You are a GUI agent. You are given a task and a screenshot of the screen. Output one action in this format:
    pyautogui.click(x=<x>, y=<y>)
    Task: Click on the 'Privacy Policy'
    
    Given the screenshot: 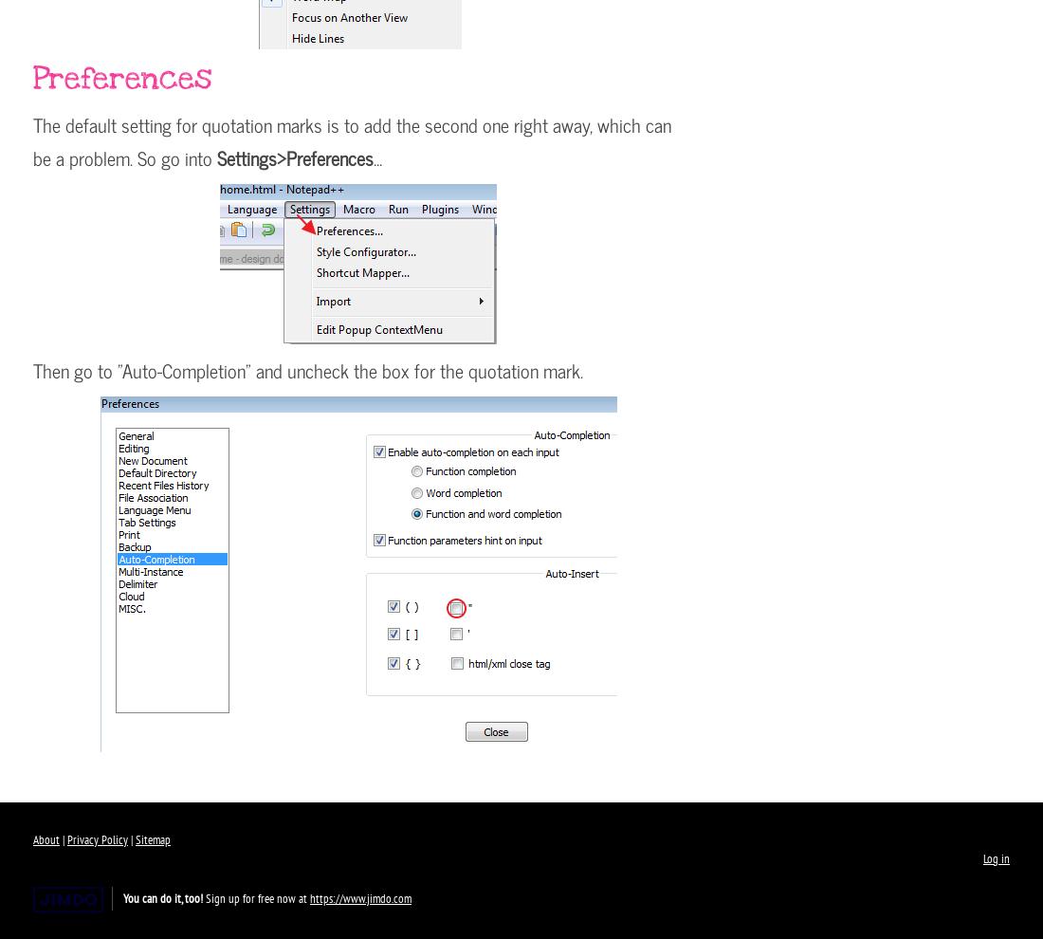 What is the action you would take?
    pyautogui.click(x=97, y=839)
    